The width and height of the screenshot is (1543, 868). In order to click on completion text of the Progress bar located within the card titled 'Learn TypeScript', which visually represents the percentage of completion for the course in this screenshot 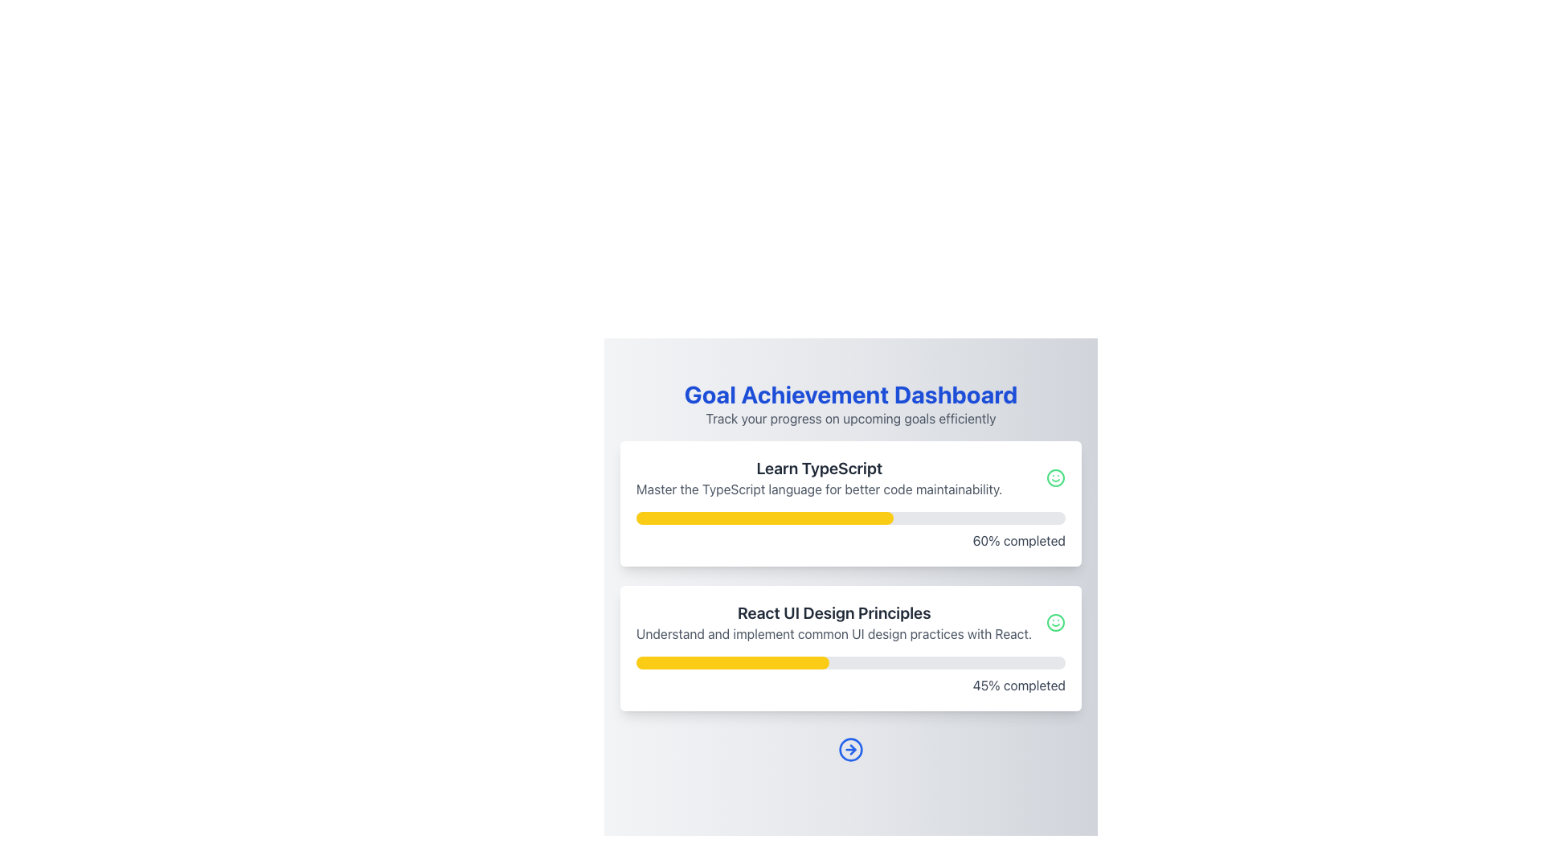, I will do `click(850, 530)`.